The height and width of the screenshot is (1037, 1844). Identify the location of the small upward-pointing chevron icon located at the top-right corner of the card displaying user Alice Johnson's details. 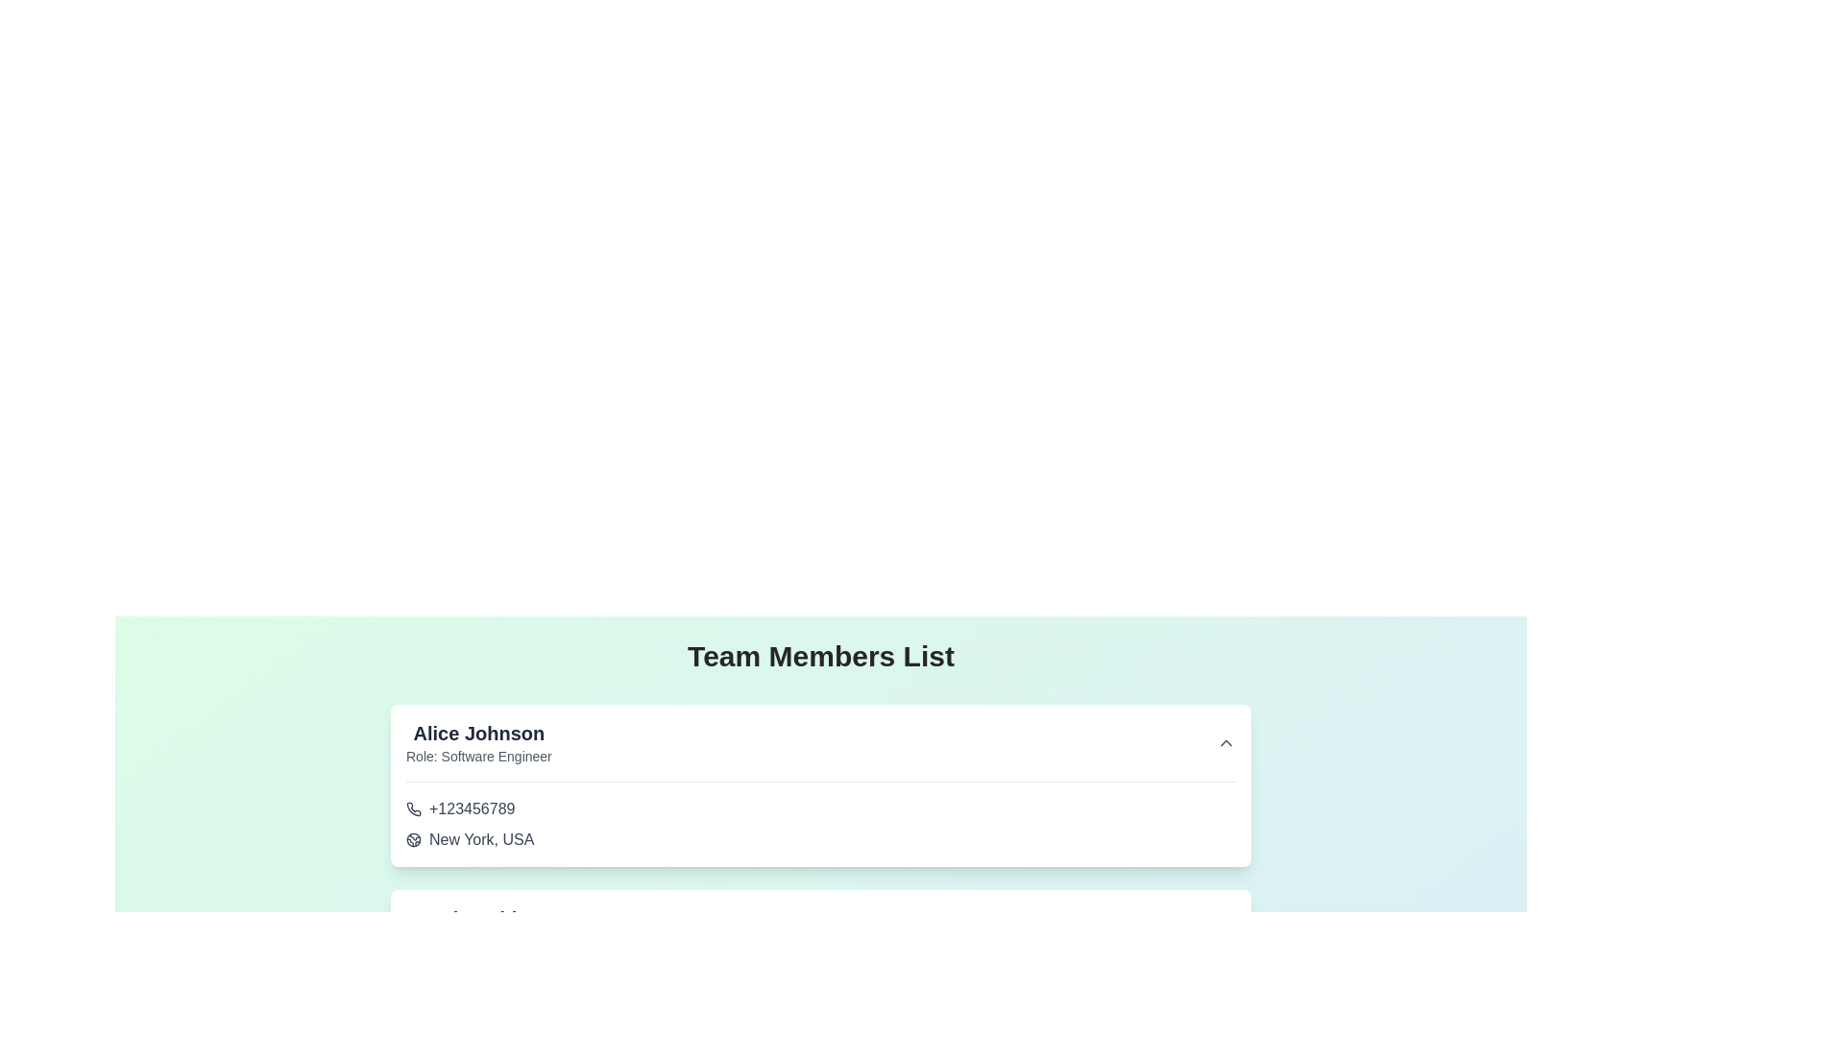
(1225, 742).